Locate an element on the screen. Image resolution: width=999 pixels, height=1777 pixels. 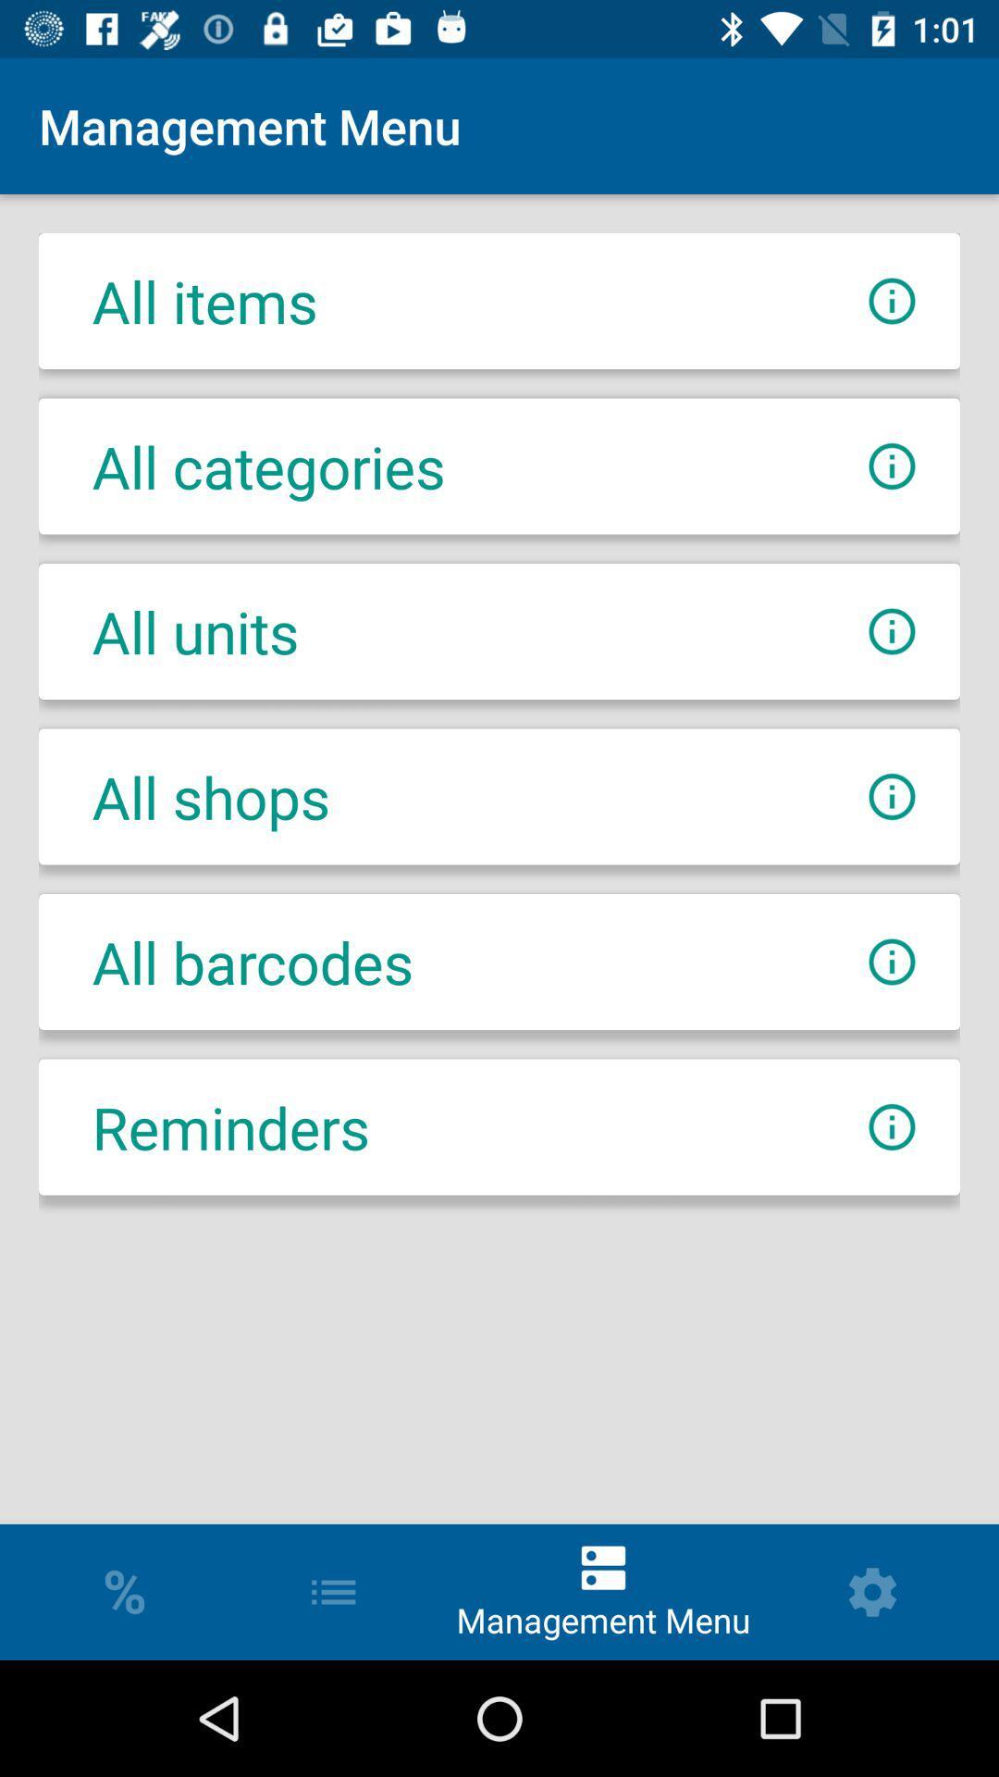
open infos for all barcodes is located at coordinates (891, 962).